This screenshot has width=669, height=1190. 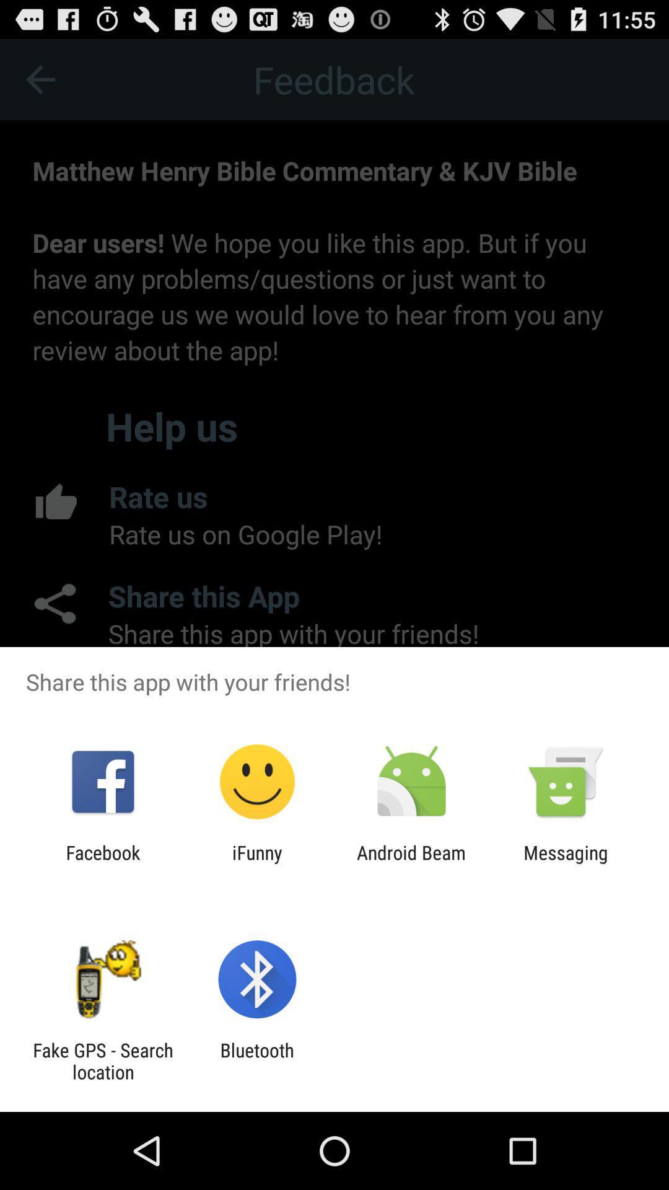 What do you see at coordinates (256, 863) in the screenshot?
I see `ifunny` at bounding box center [256, 863].